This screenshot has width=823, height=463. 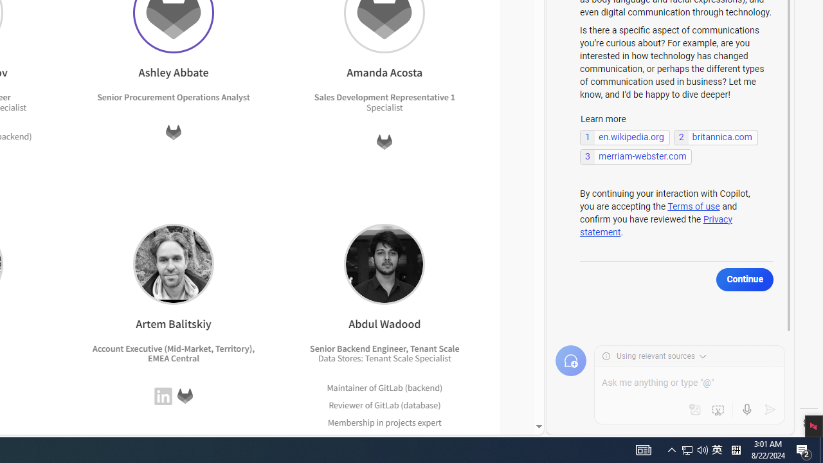 I want to click on 'Membership in groups expert', so click(x=384, y=439).